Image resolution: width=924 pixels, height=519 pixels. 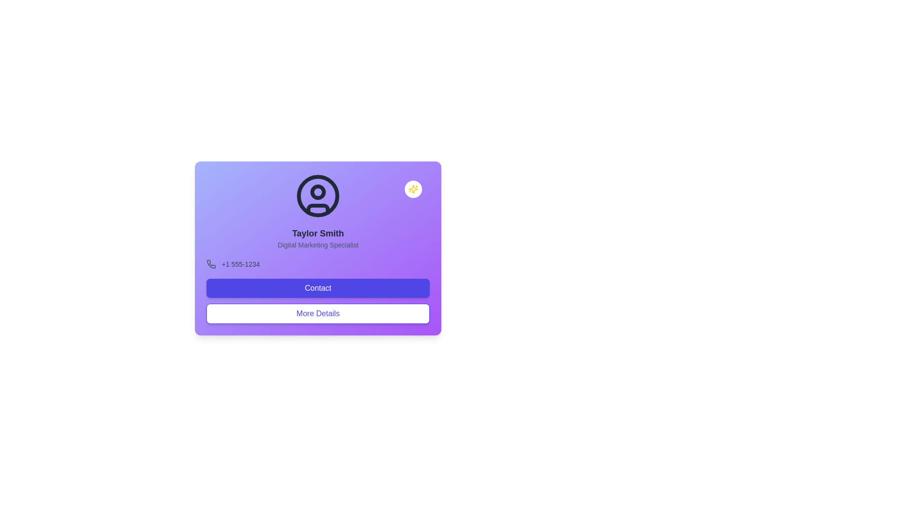 I want to click on the decorative lower body element of the user profile icon to trigger visual effects, so click(x=318, y=209).